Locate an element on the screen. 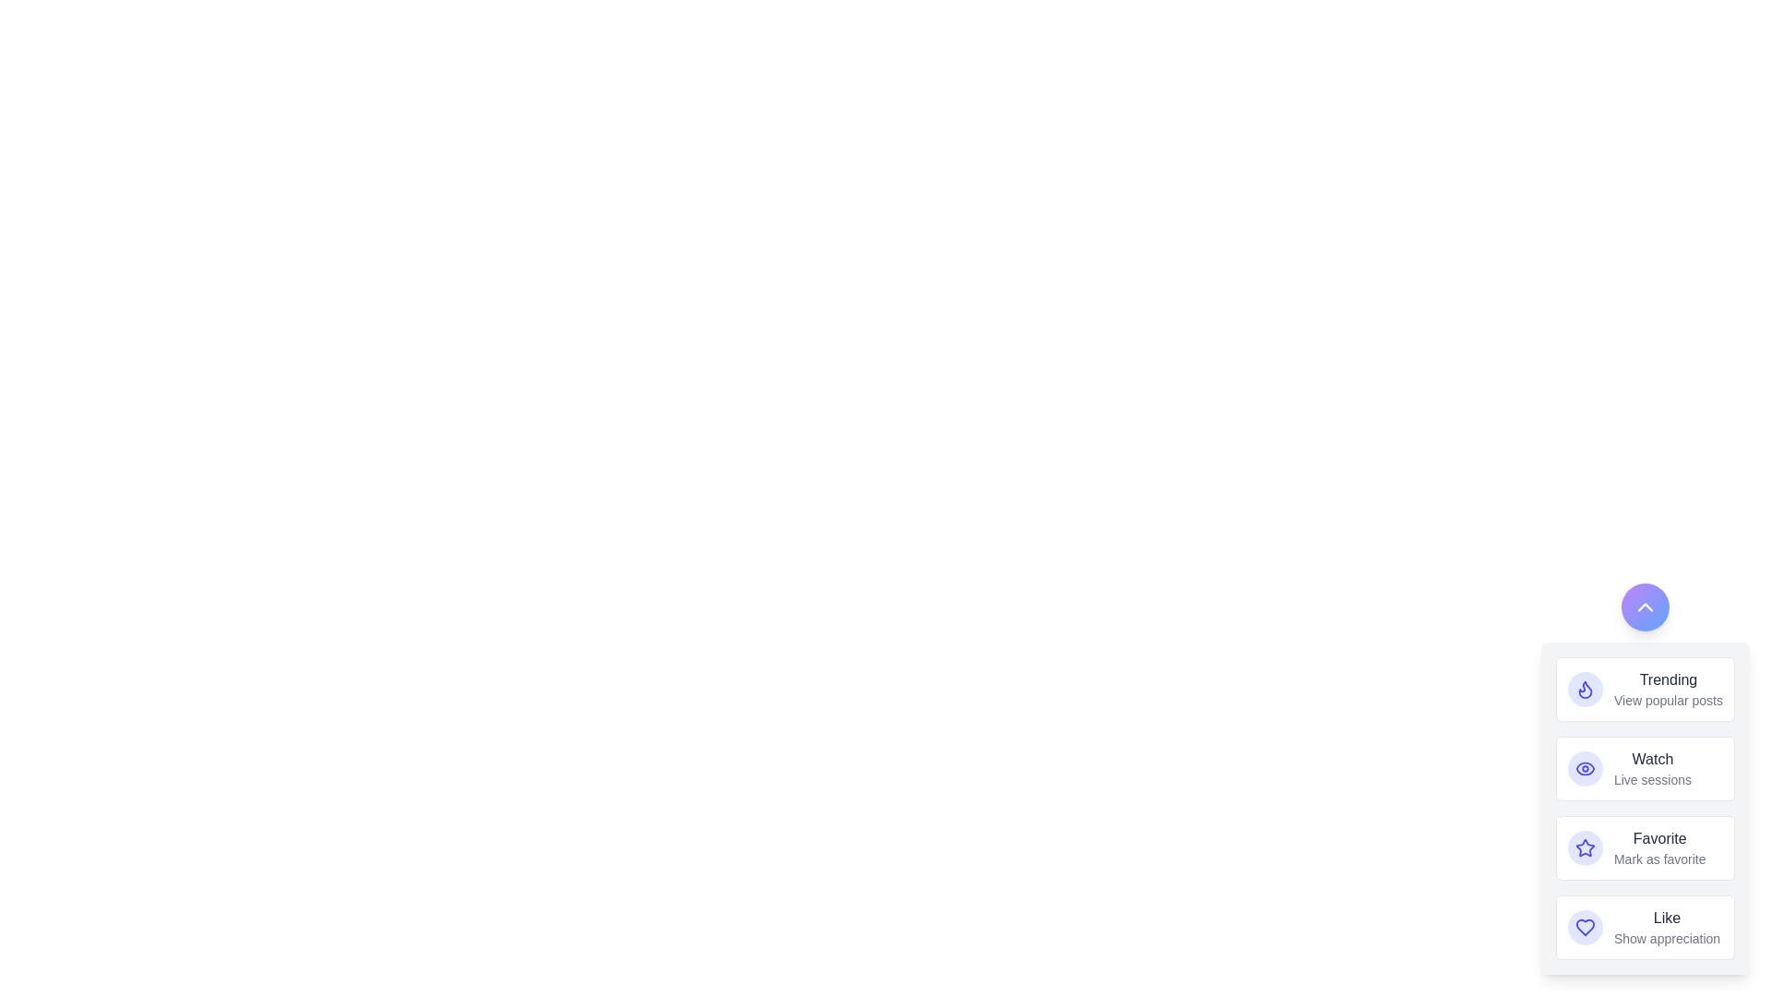  the Watch button to trigger its functionality is located at coordinates (1585, 769).